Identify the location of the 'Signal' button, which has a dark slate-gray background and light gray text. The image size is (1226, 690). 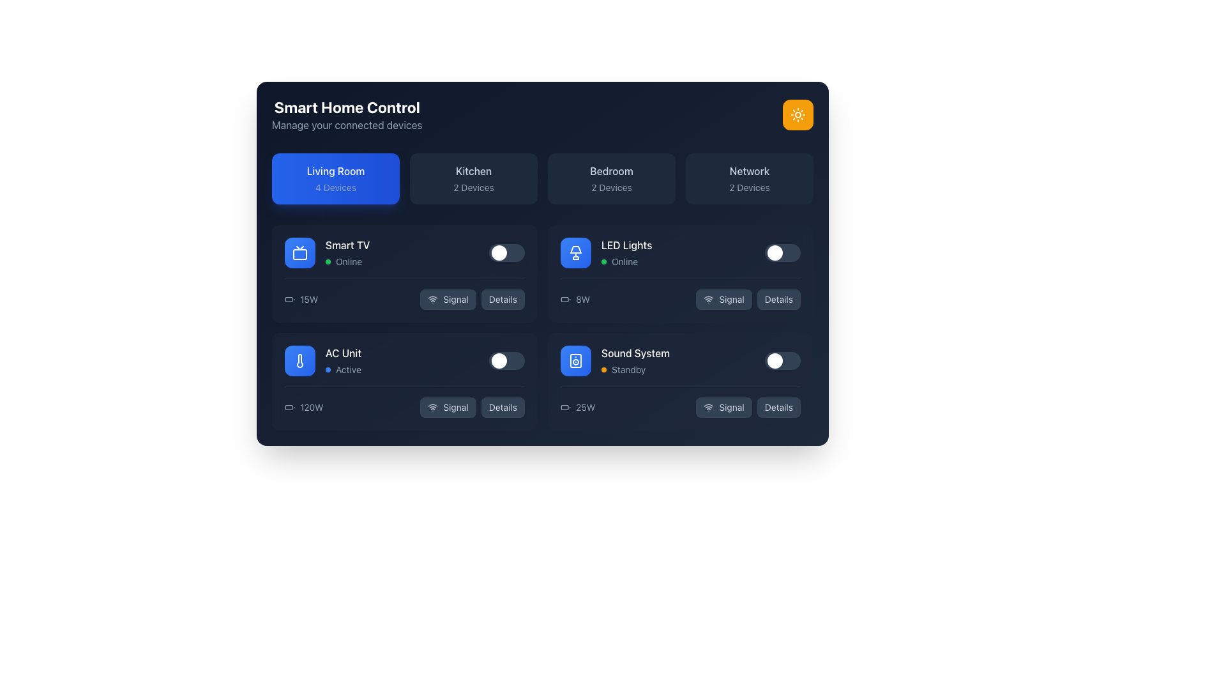
(723, 300).